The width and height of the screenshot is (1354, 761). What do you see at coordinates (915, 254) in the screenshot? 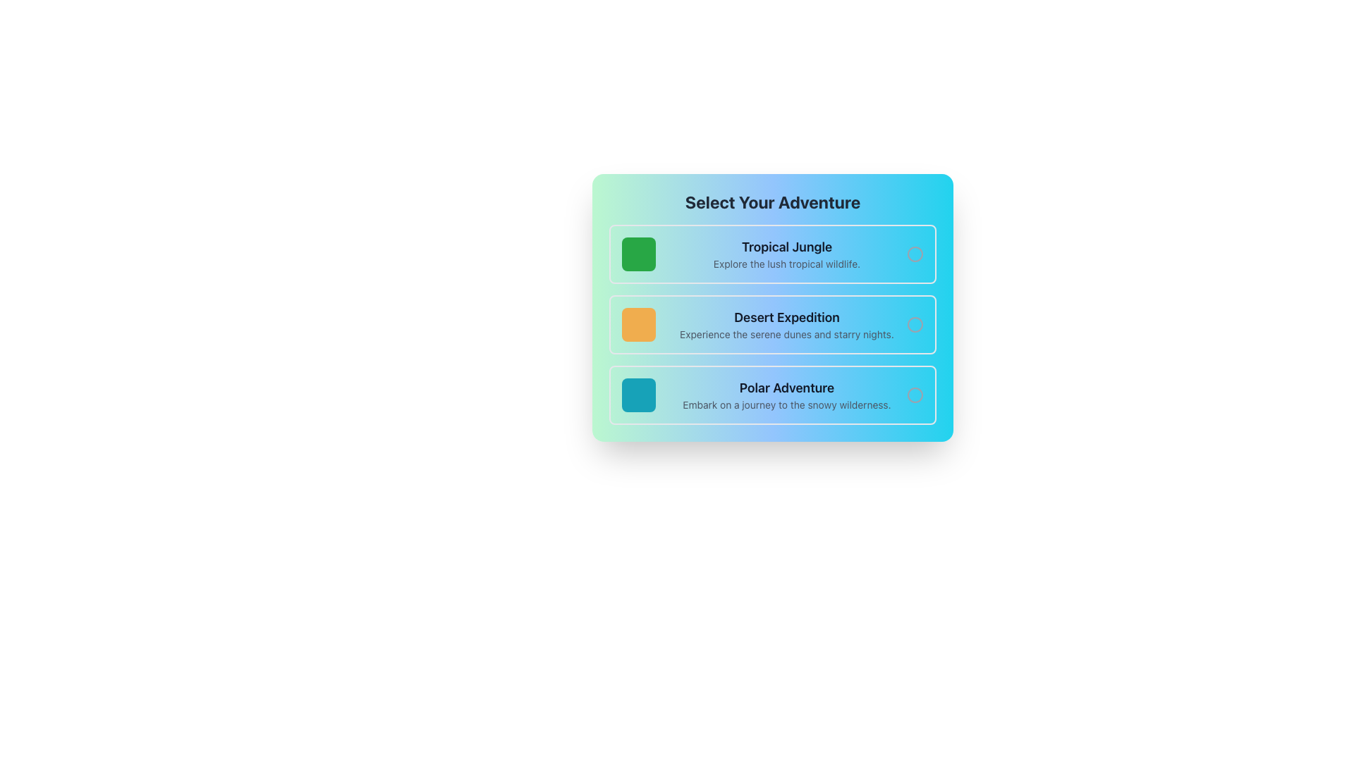
I see `the circular radio button icon located within the 'Tropical Jungle' card` at bounding box center [915, 254].